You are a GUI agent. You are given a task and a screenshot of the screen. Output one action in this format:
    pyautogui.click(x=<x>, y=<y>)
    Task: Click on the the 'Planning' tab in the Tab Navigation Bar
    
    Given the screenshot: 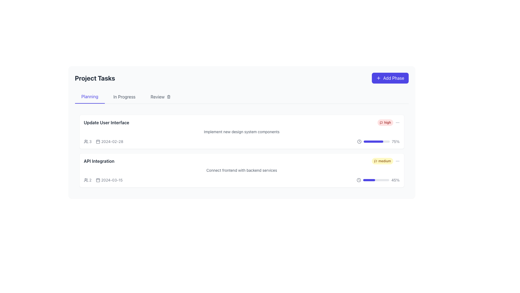 What is the action you would take?
    pyautogui.click(x=241, y=97)
    